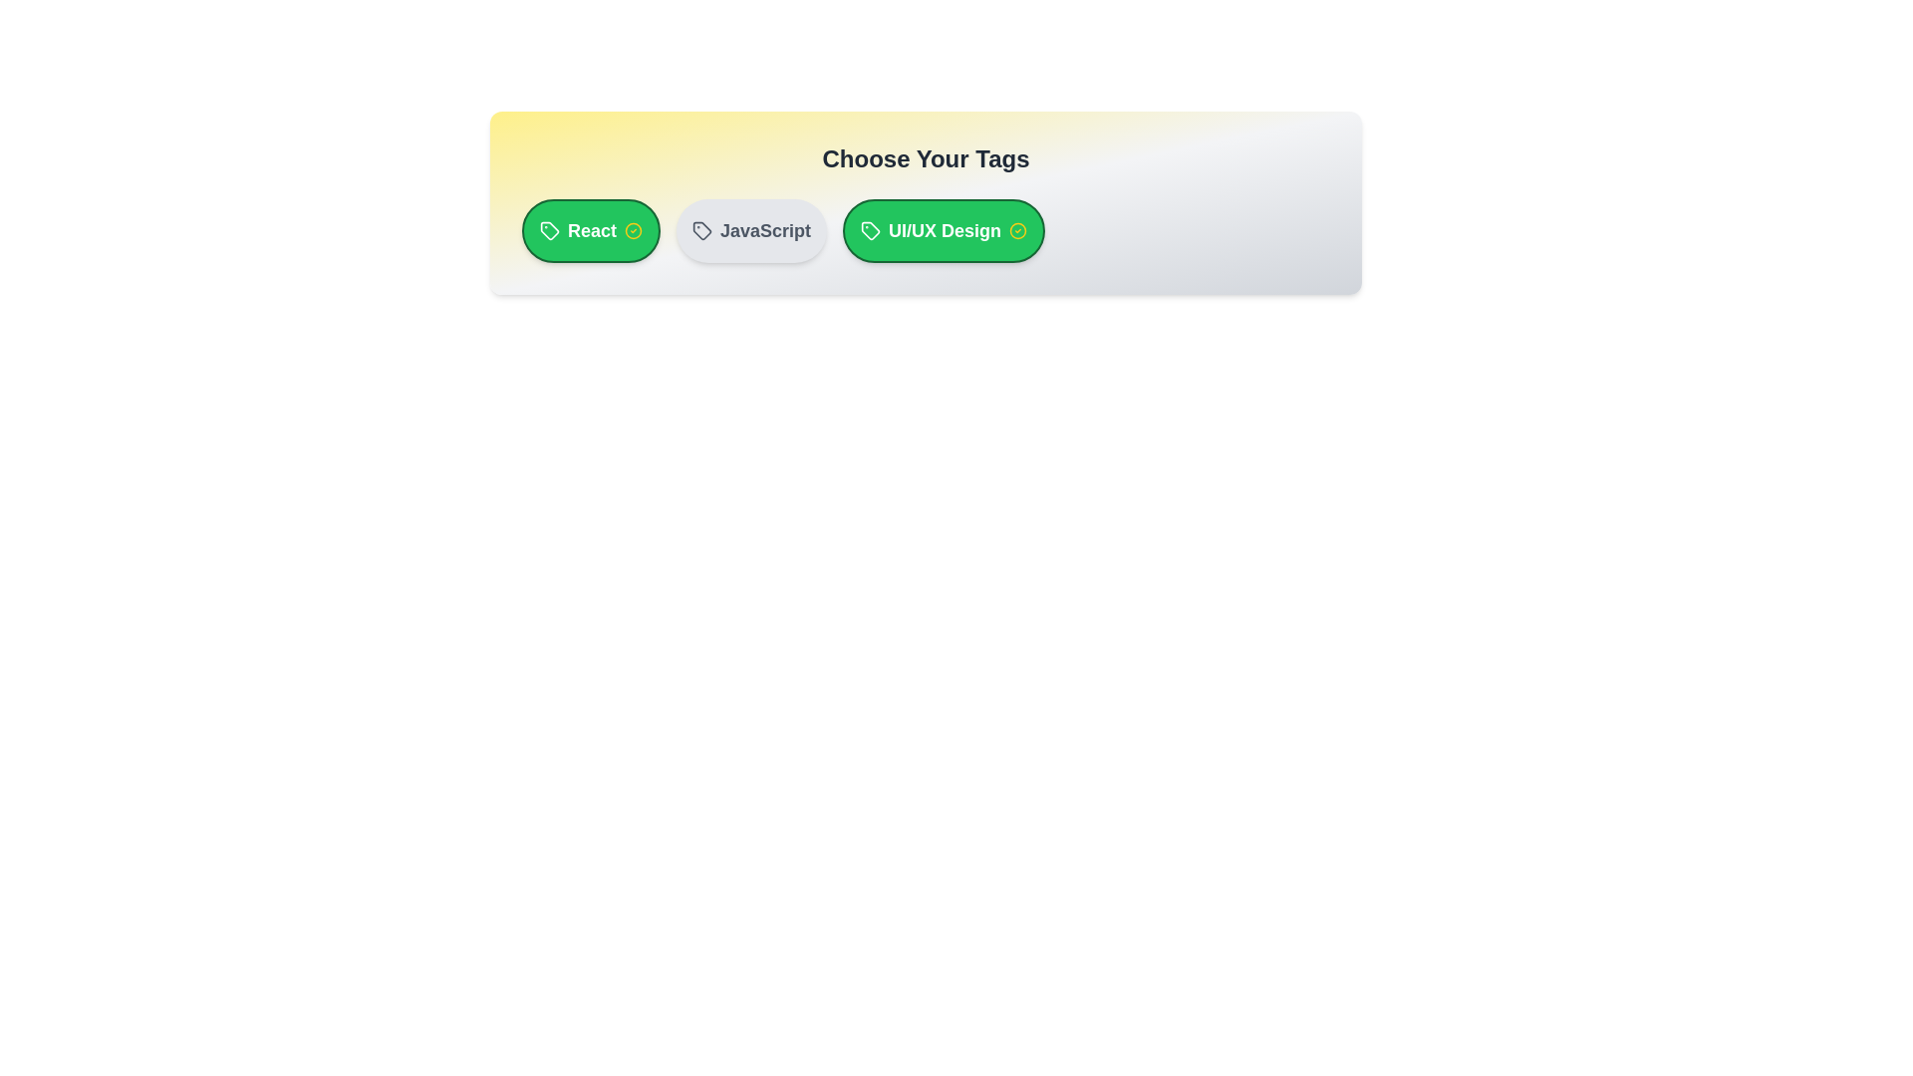 Image resolution: width=1913 pixels, height=1076 pixels. What do you see at coordinates (943, 229) in the screenshot?
I see `the tag labeled UI/UX Design` at bounding box center [943, 229].